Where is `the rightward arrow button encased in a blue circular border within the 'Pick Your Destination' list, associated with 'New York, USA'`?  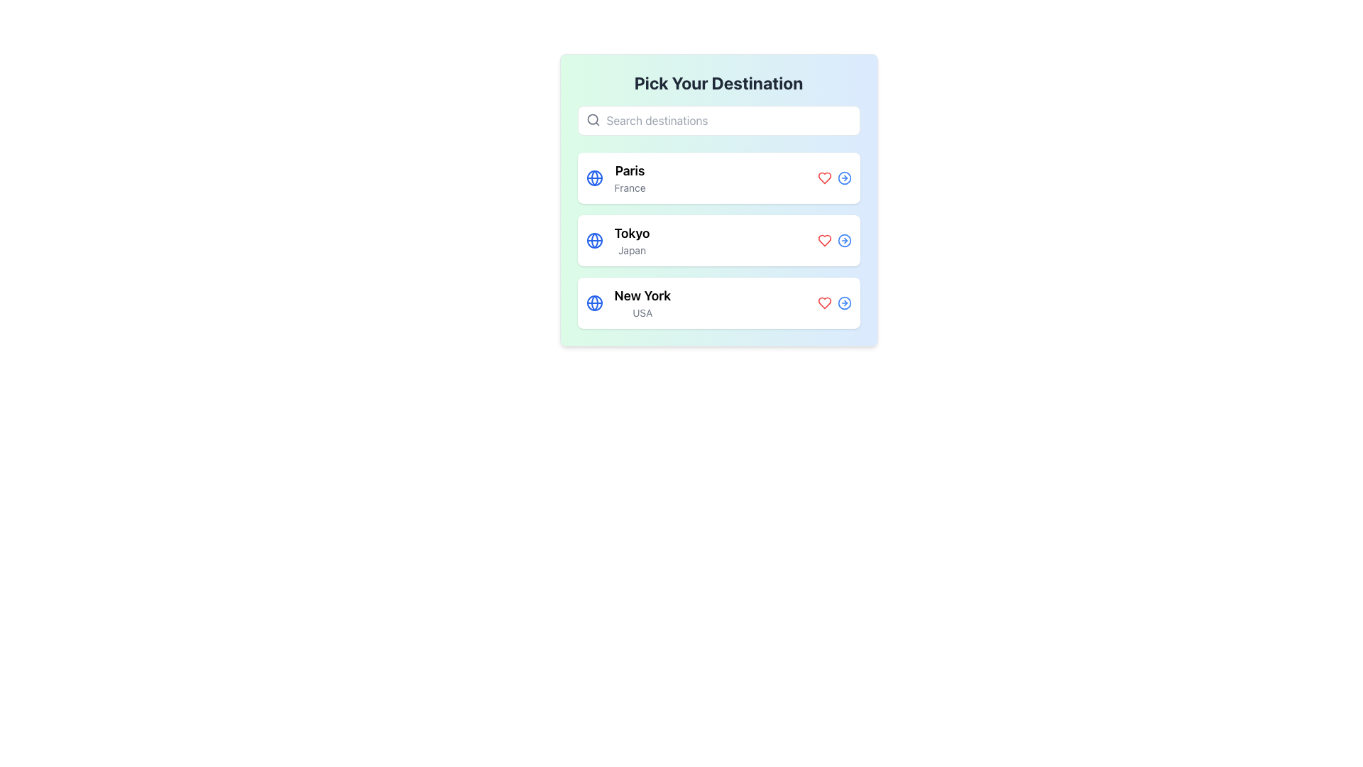 the rightward arrow button encased in a blue circular border within the 'Pick Your Destination' list, associated with 'New York, USA' is located at coordinates (844, 303).